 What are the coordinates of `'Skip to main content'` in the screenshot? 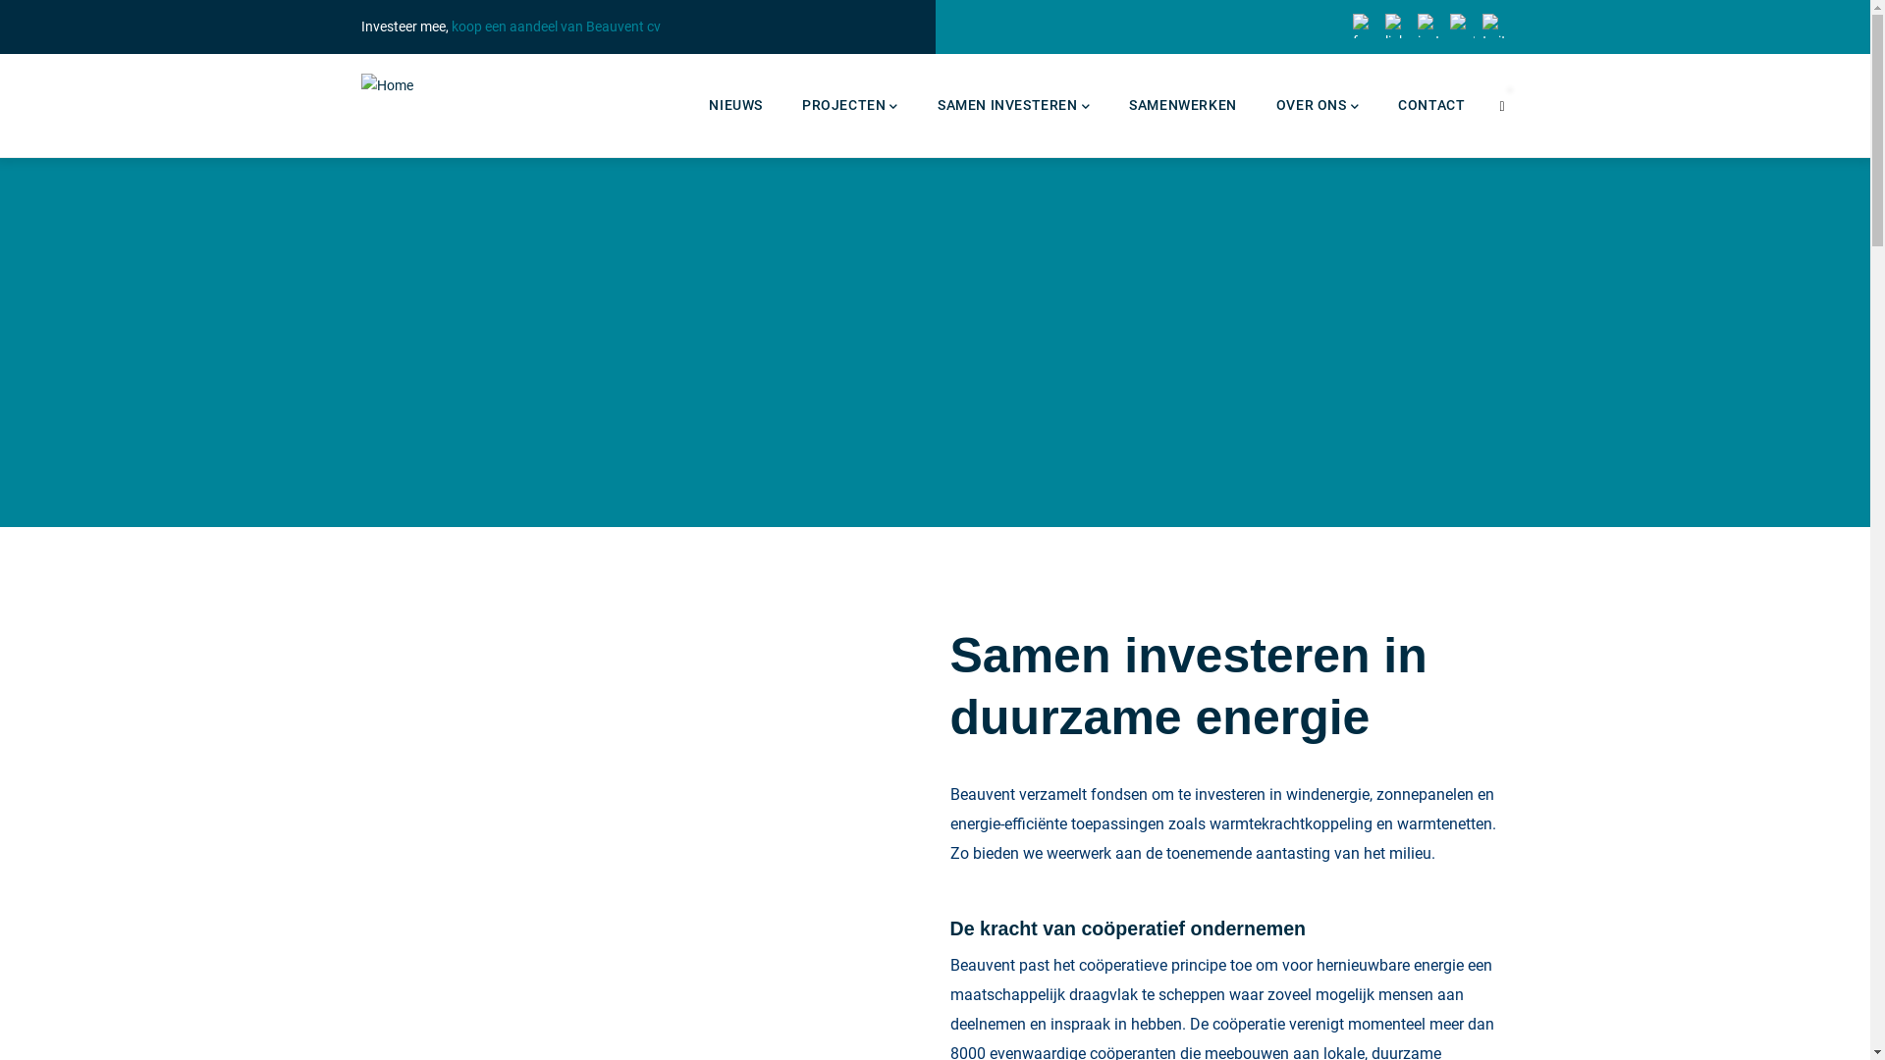 It's located at (0, 0).